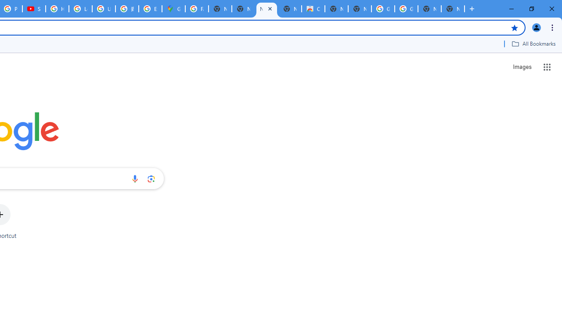 The height and width of the screenshot is (316, 562). I want to click on 'Subscriptions - YouTube', so click(34, 9).